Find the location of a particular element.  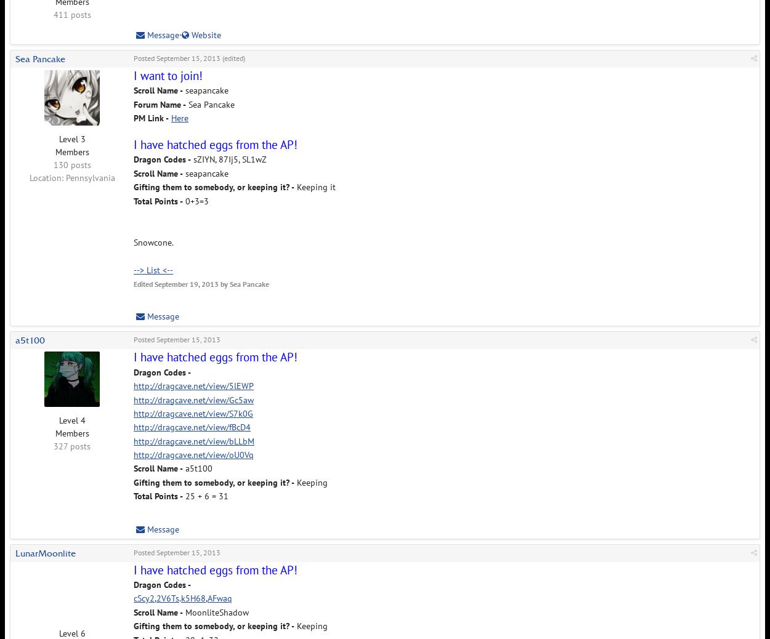

'http://dragcave.net/view/oU0Vq' is located at coordinates (193, 454).